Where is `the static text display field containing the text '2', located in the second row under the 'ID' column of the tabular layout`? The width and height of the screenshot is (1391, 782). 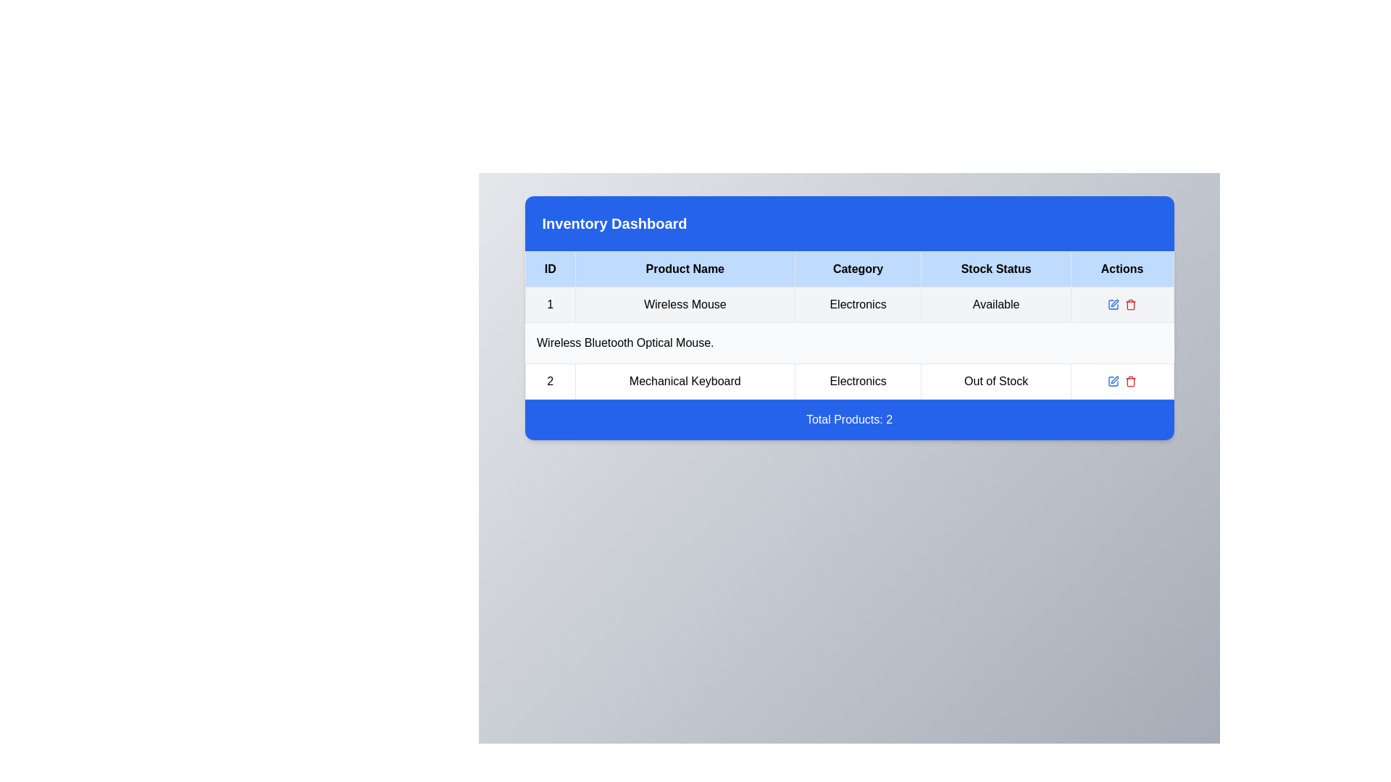
the static text display field containing the text '2', located in the second row under the 'ID' column of the tabular layout is located at coordinates (549, 381).